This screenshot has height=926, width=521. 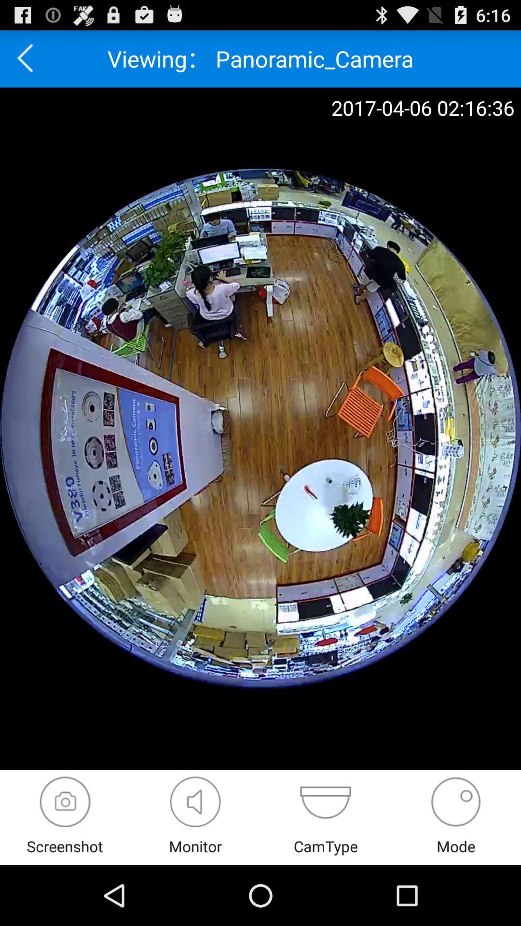 I want to click on go back, so click(x=28, y=58).